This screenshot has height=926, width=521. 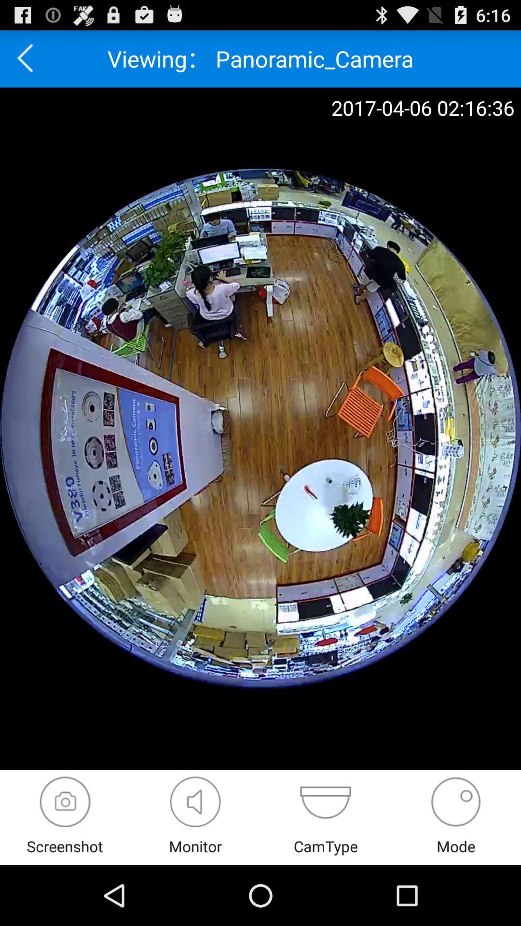 I want to click on go back, so click(x=28, y=58).